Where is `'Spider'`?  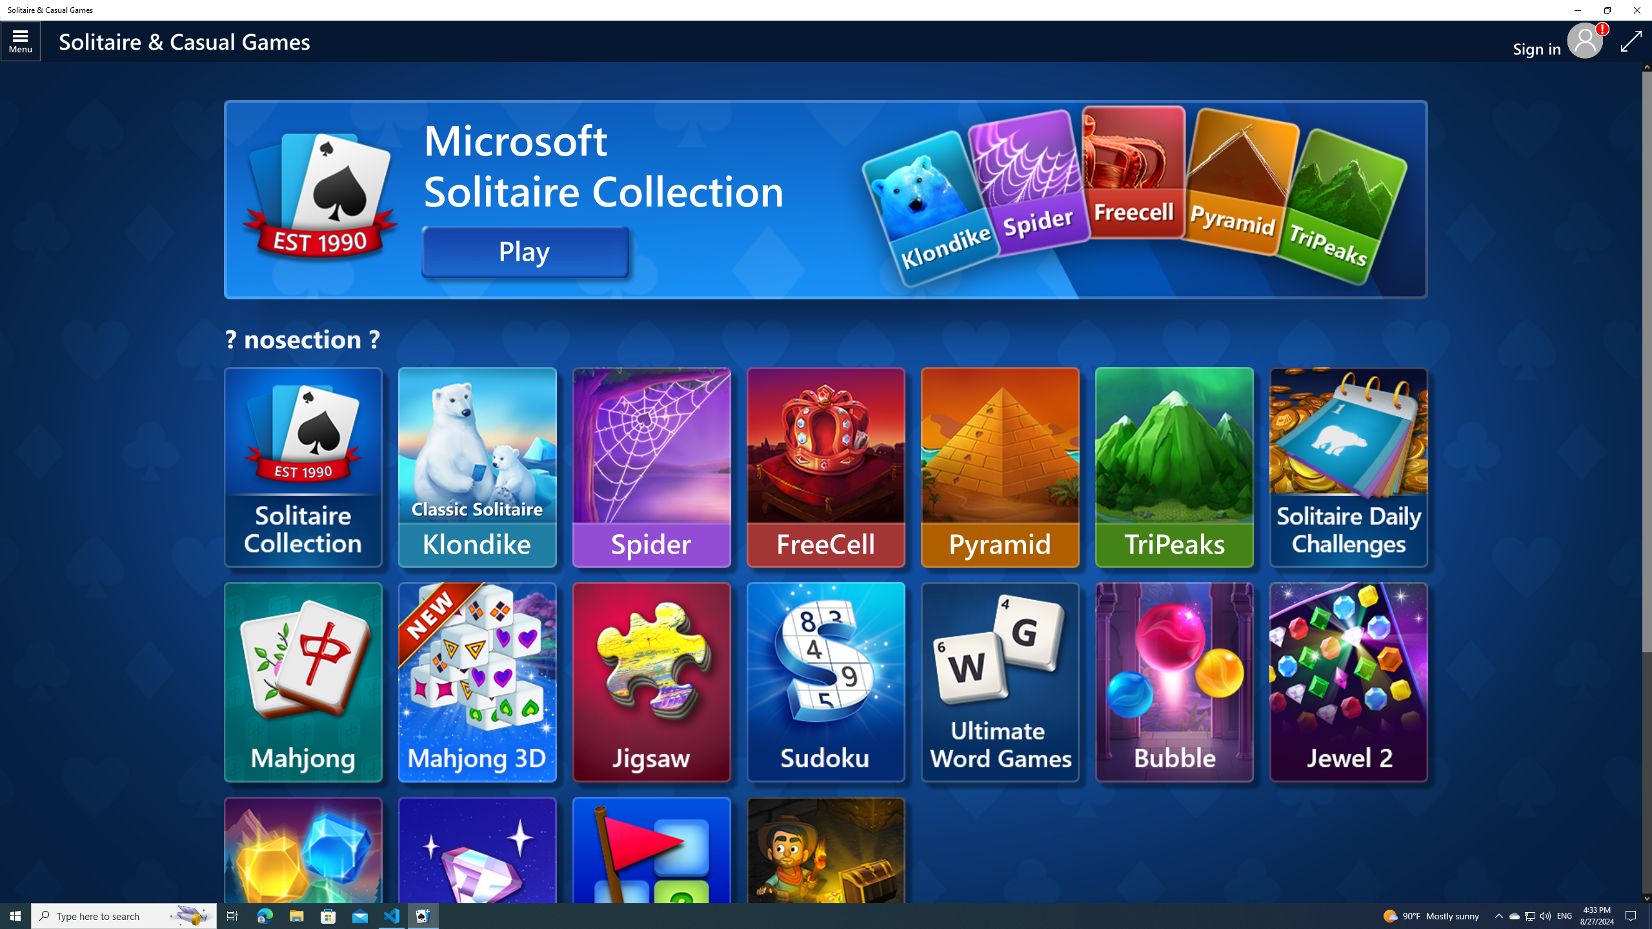 'Spider' is located at coordinates (650, 466).